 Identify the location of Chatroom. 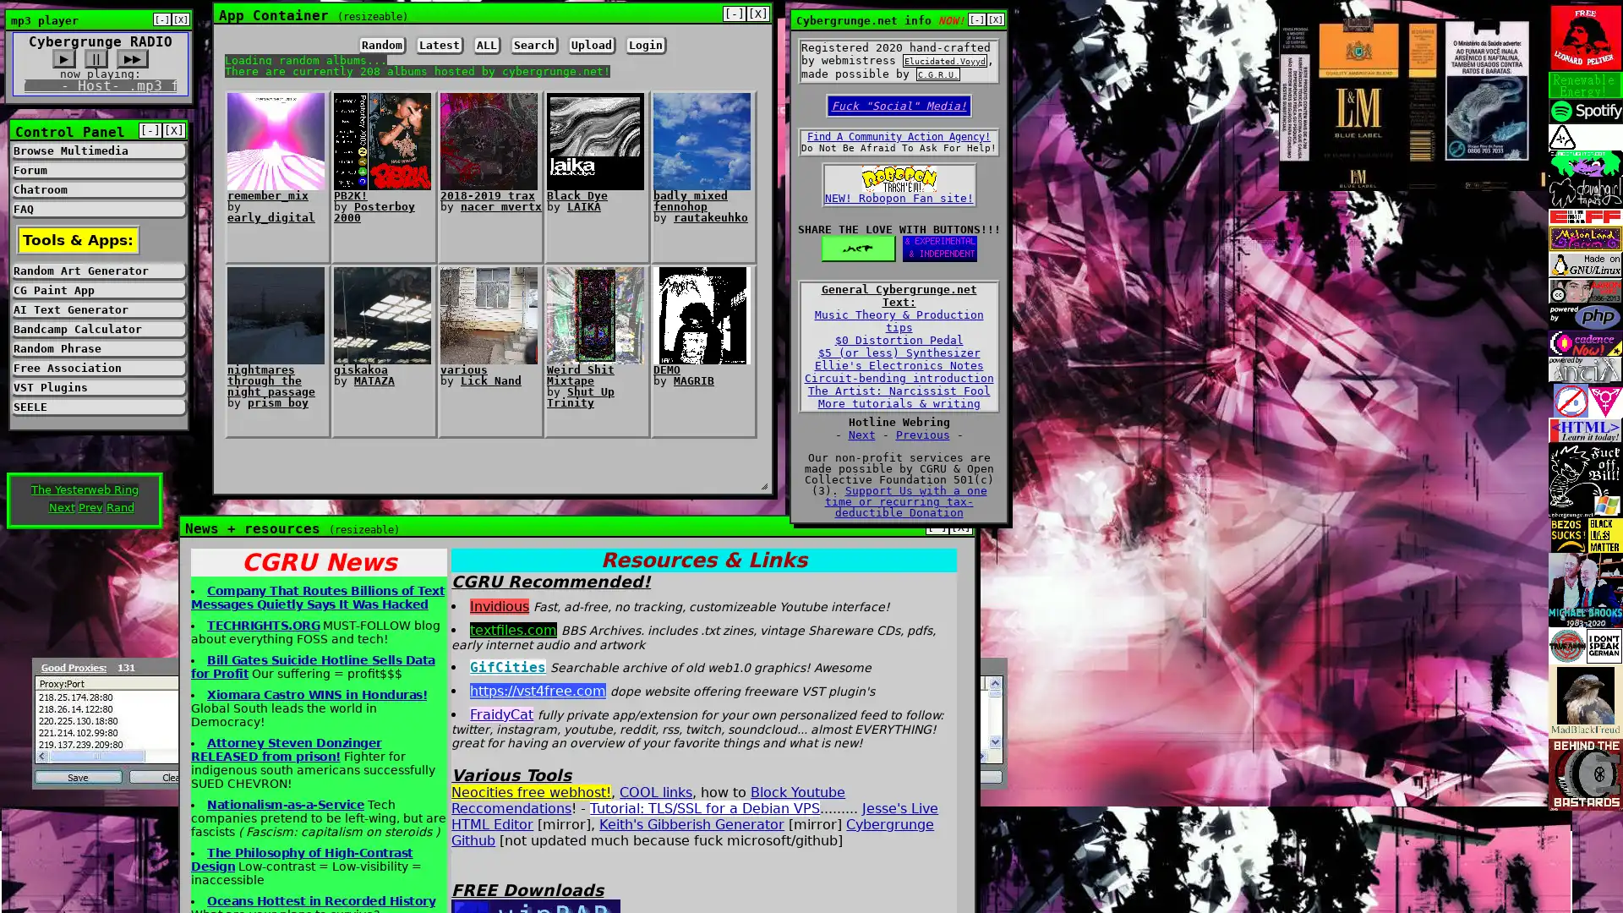
(97, 189).